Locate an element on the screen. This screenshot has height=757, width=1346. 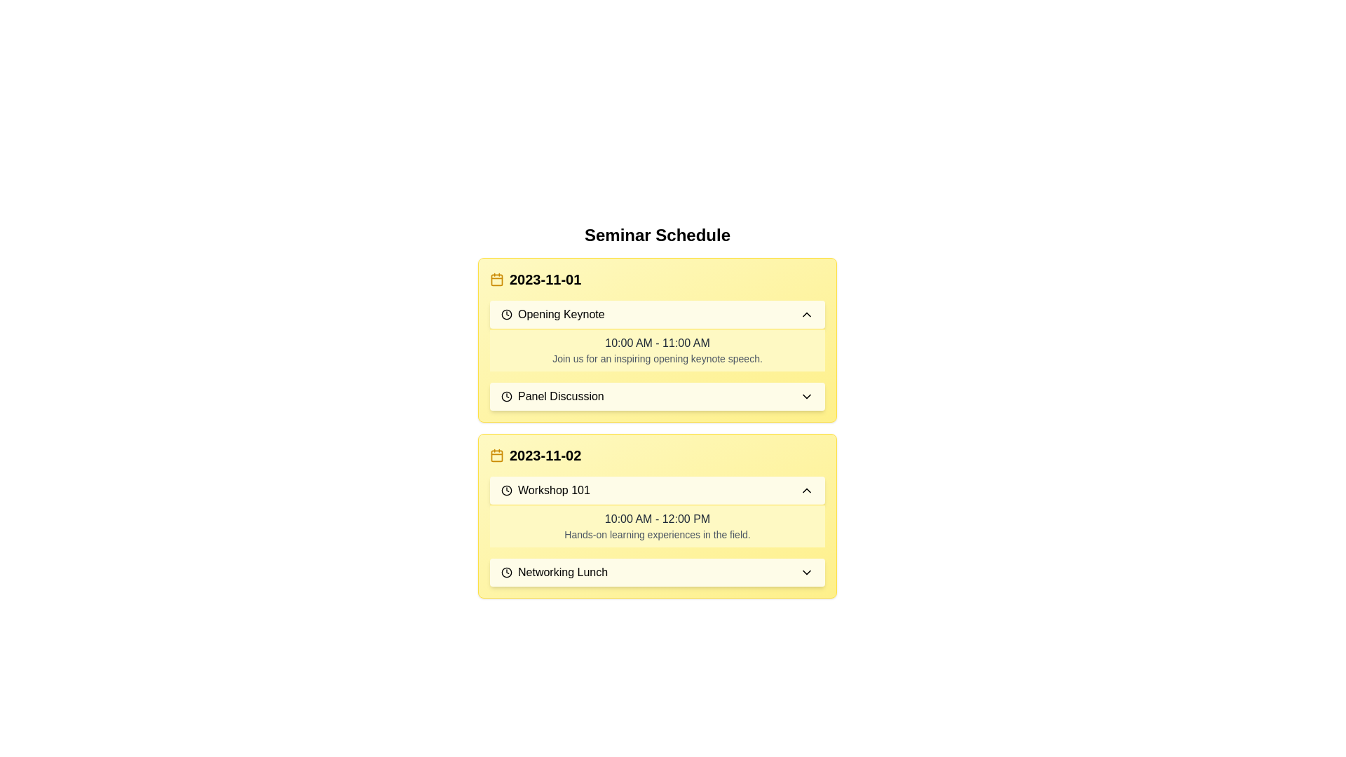
the circular clock-like icon located next to the 'Opening Keynote' text for visual indication is located at coordinates (506, 313).